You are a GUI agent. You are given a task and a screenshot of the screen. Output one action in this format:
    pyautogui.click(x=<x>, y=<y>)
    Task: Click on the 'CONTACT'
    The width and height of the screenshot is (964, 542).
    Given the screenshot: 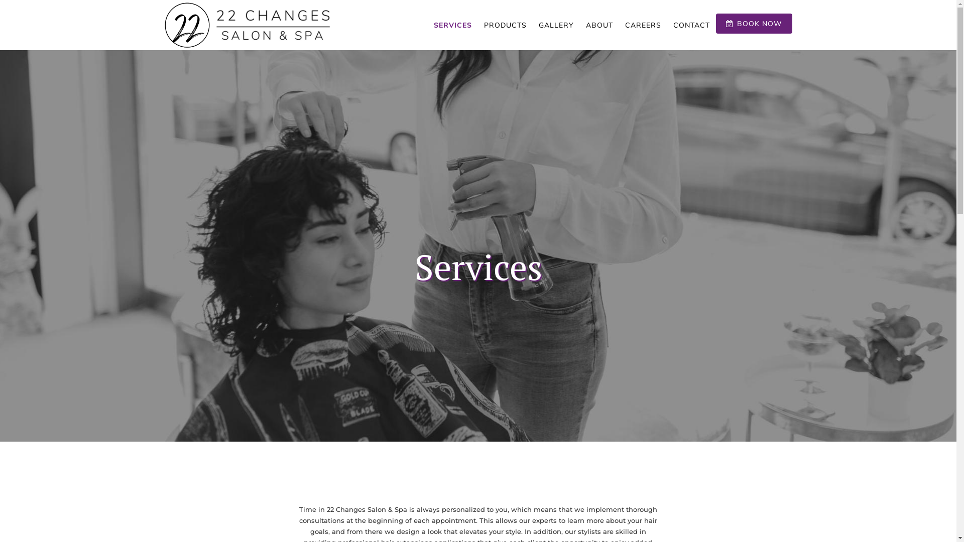 What is the action you would take?
    pyautogui.click(x=690, y=25)
    